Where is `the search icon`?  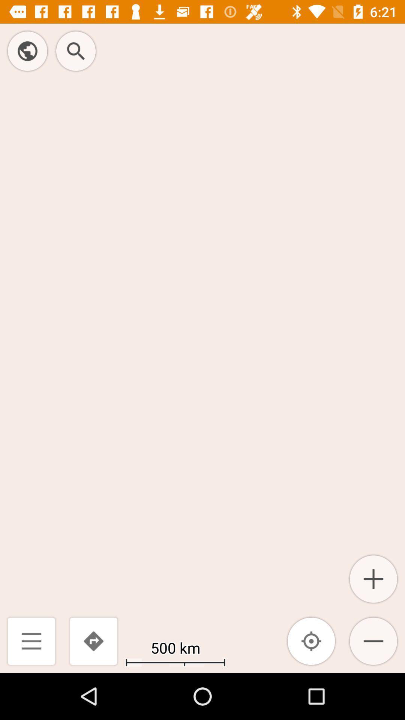 the search icon is located at coordinates (76, 51).